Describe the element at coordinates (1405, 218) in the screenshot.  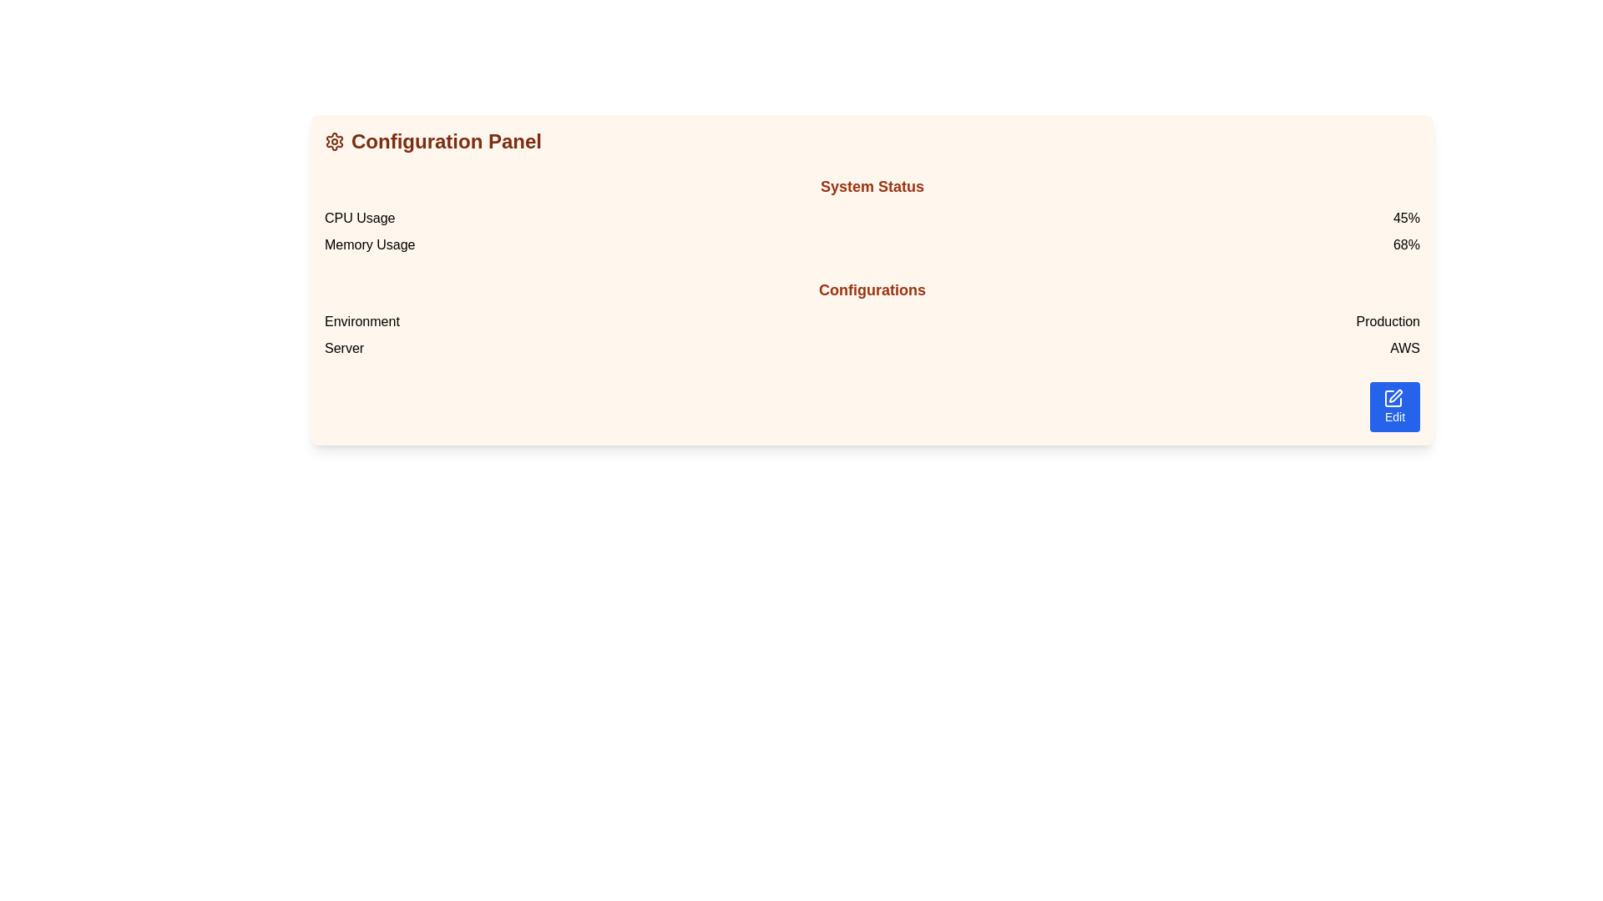
I see `the static text label displaying '45%' located near the label 'CPU Usage' in the upper-right section of a pale background card` at that location.